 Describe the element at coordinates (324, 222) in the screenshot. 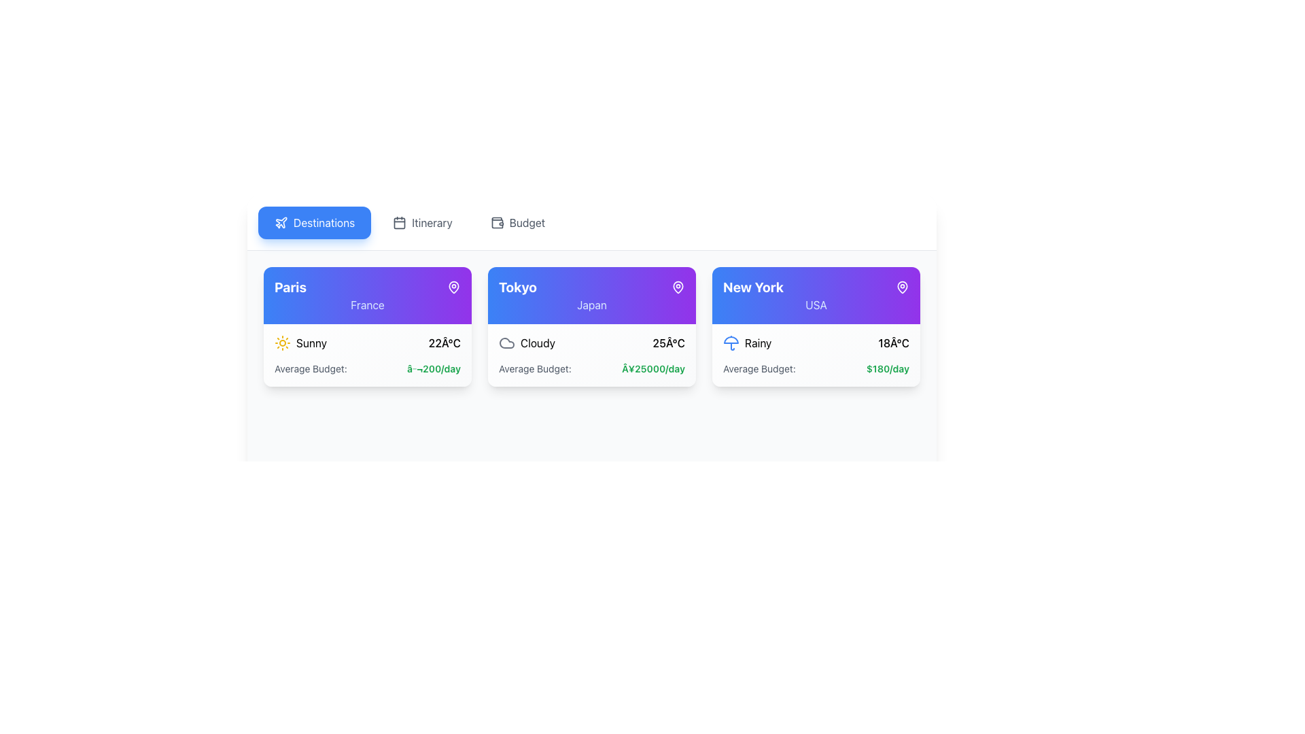

I see `the 'Destinations' text label located in the upper-left section of the navigation bar` at that location.